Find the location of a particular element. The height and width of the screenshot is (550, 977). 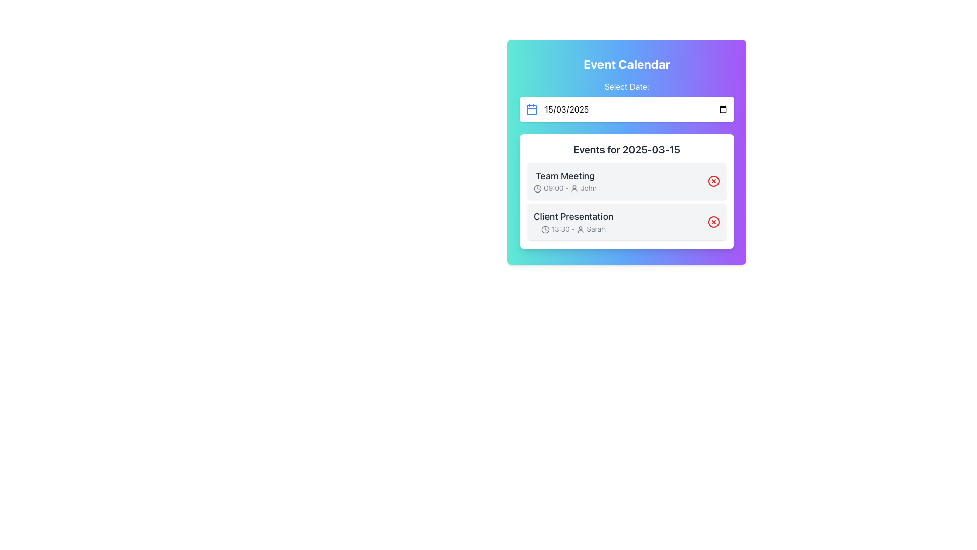

the text label displaying 'Select Date:' in white font color, which is positioned above the date picker field in the header section is located at coordinates (626, 86).